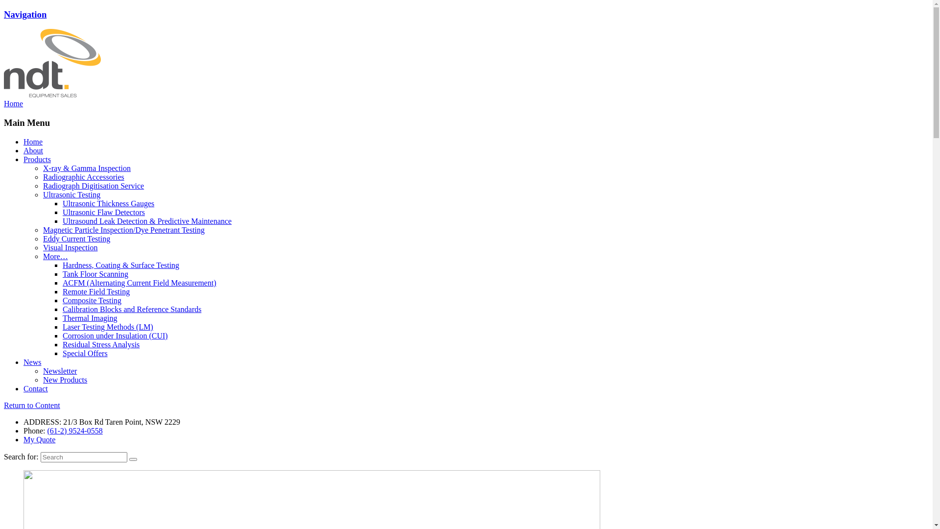 The image size is (940, 529). What do you see at coordinates (101, 344) in the screenshot?
I see `'Residual Stress Analysis'` at bounding box center [101, 344].